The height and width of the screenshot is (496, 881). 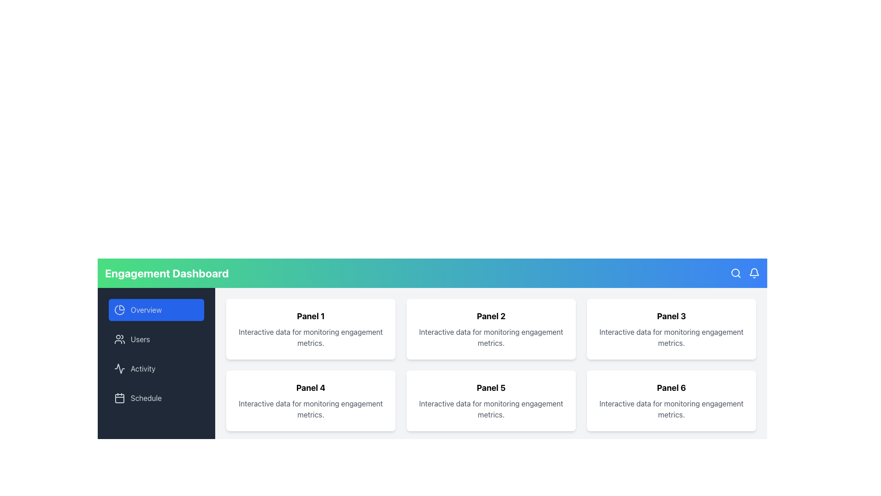 What do you see at coordinates (736, 272) in the screenshot?
I see `the search icon, represented by a minimalist magnifying glass, located at the top-right corner of the interface` at bounding box center [736, 272].